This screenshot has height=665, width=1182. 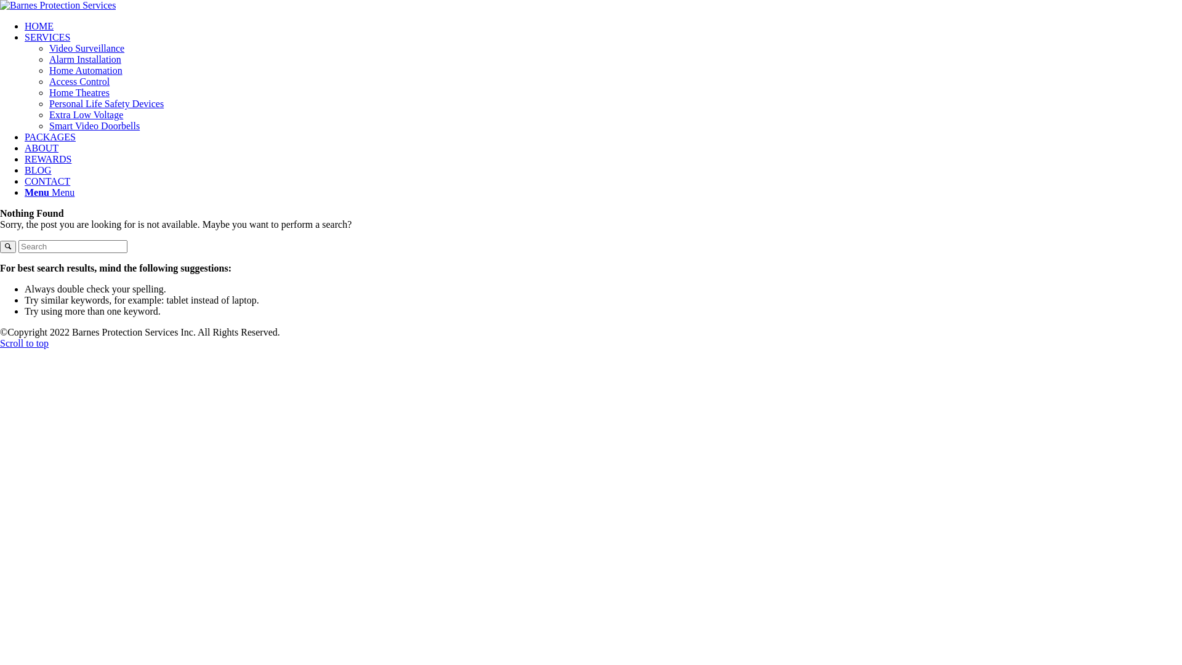 What do you see at coordinates (41, 147) in the screenshot?
I see `'ABOUT'` at bounding box center [41, 147].